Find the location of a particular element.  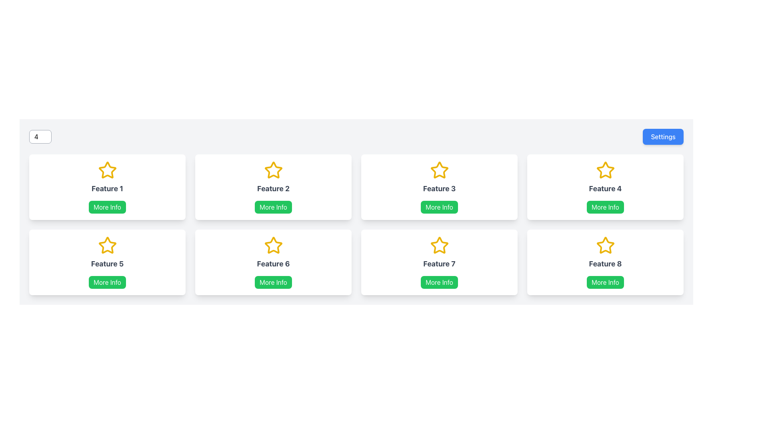

the button located within the 'Feature 2' card, beneath the heading 'Feature 2' and next to the gold star icon is located at coordinates (273, 206).